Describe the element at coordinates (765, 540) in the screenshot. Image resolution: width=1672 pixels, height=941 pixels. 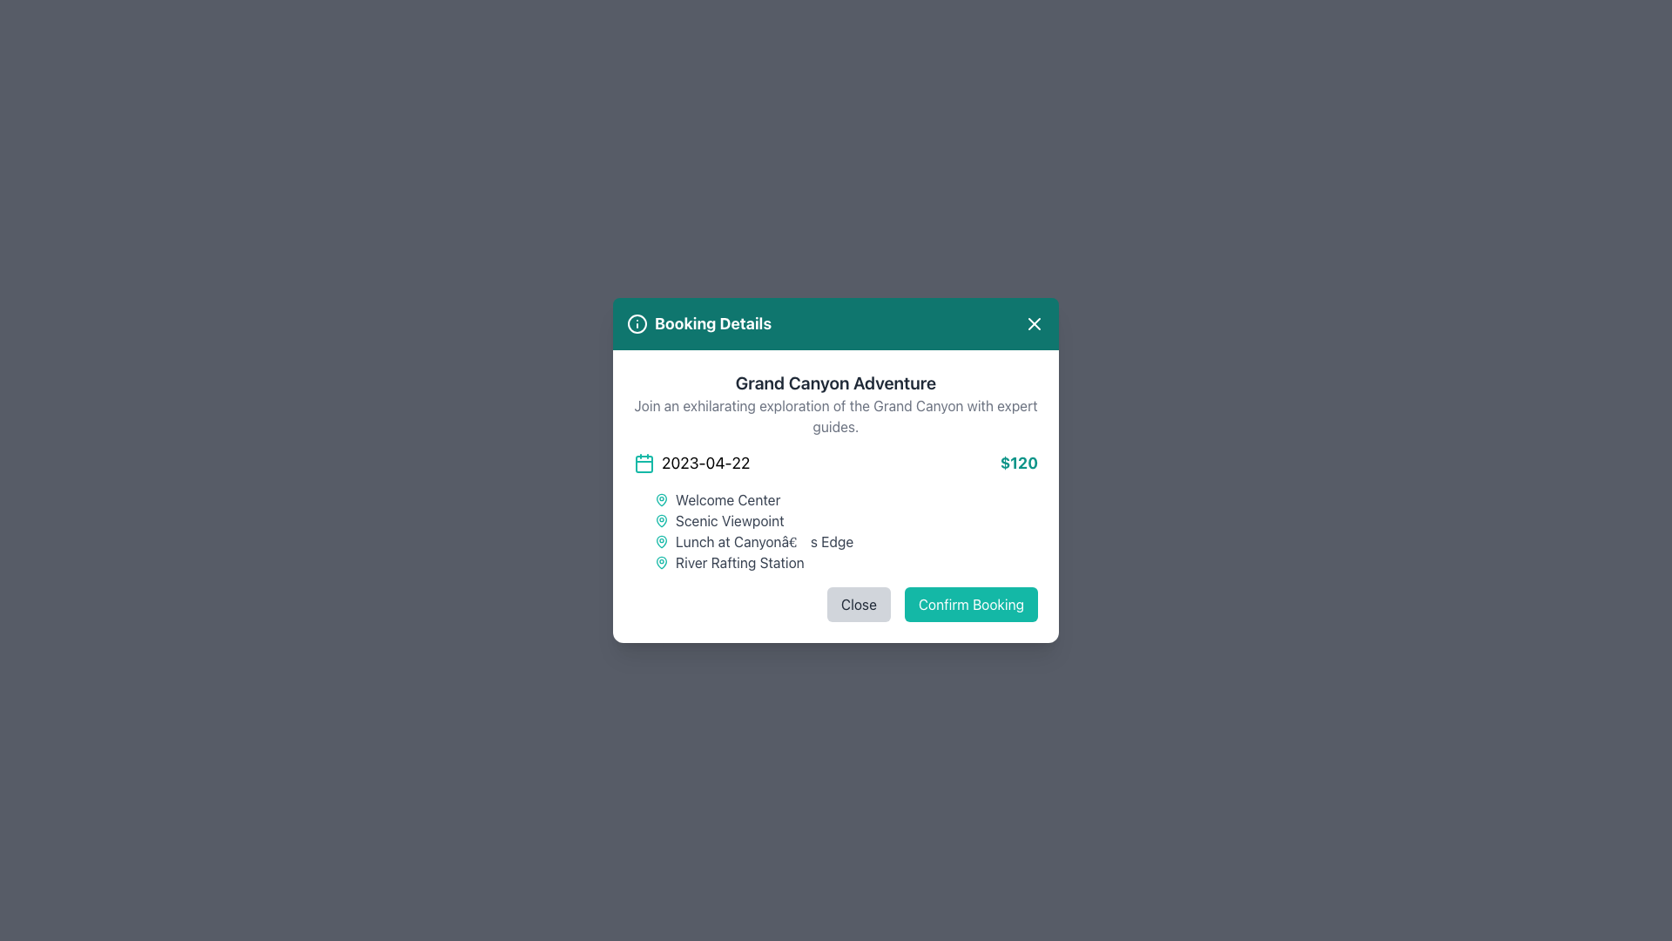
I see `the text label reading 'Lunch at Canyonâ€™s Edge', which is the third item in a vertical list of text labels, positioned slightly to the right of a map pin icon` at that location.